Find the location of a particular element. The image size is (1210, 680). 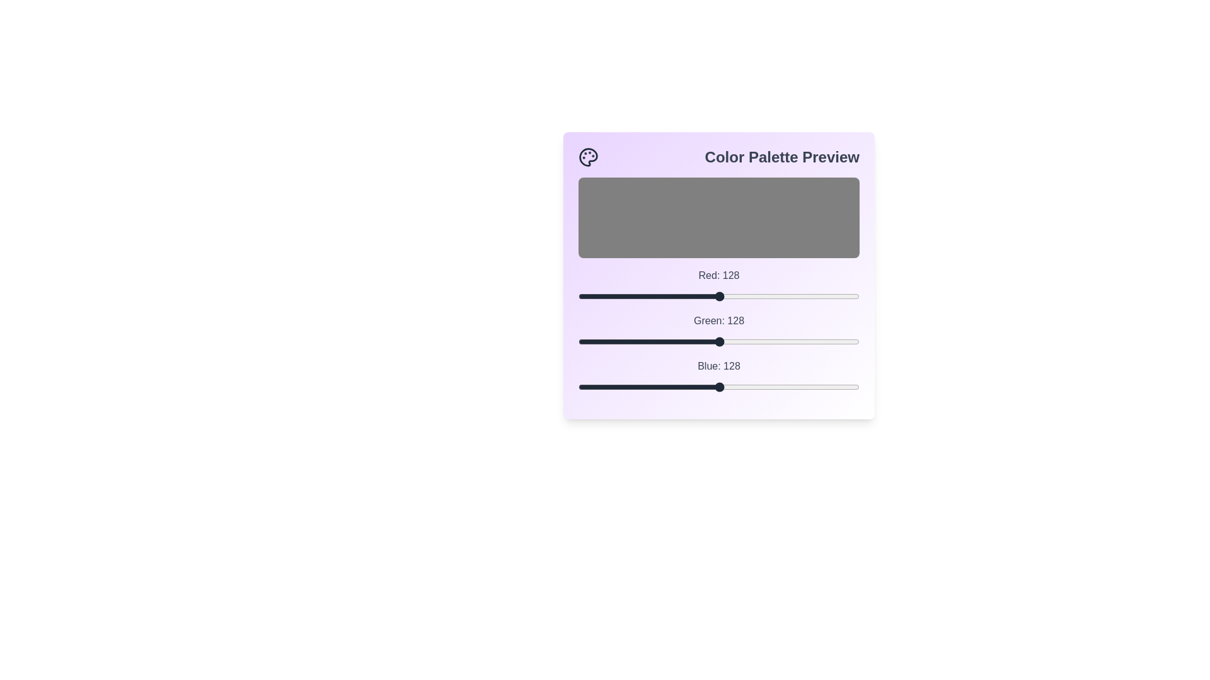

the decorative icon located at the top-left corner of the 'Color Palette Preview' section, adjacent to the text label 'Color Palette Preview' is located at coordinates (588, 157).